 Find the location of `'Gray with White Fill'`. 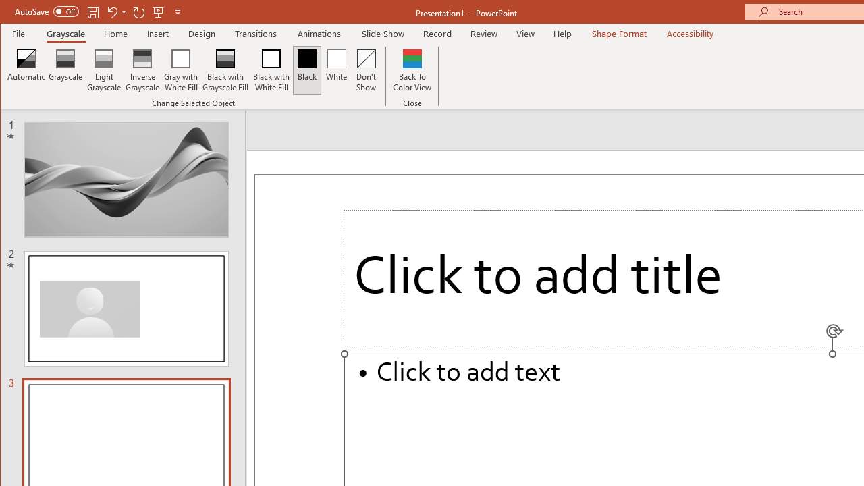

'Gray with White Fill' is located at coordinates (180, 70).